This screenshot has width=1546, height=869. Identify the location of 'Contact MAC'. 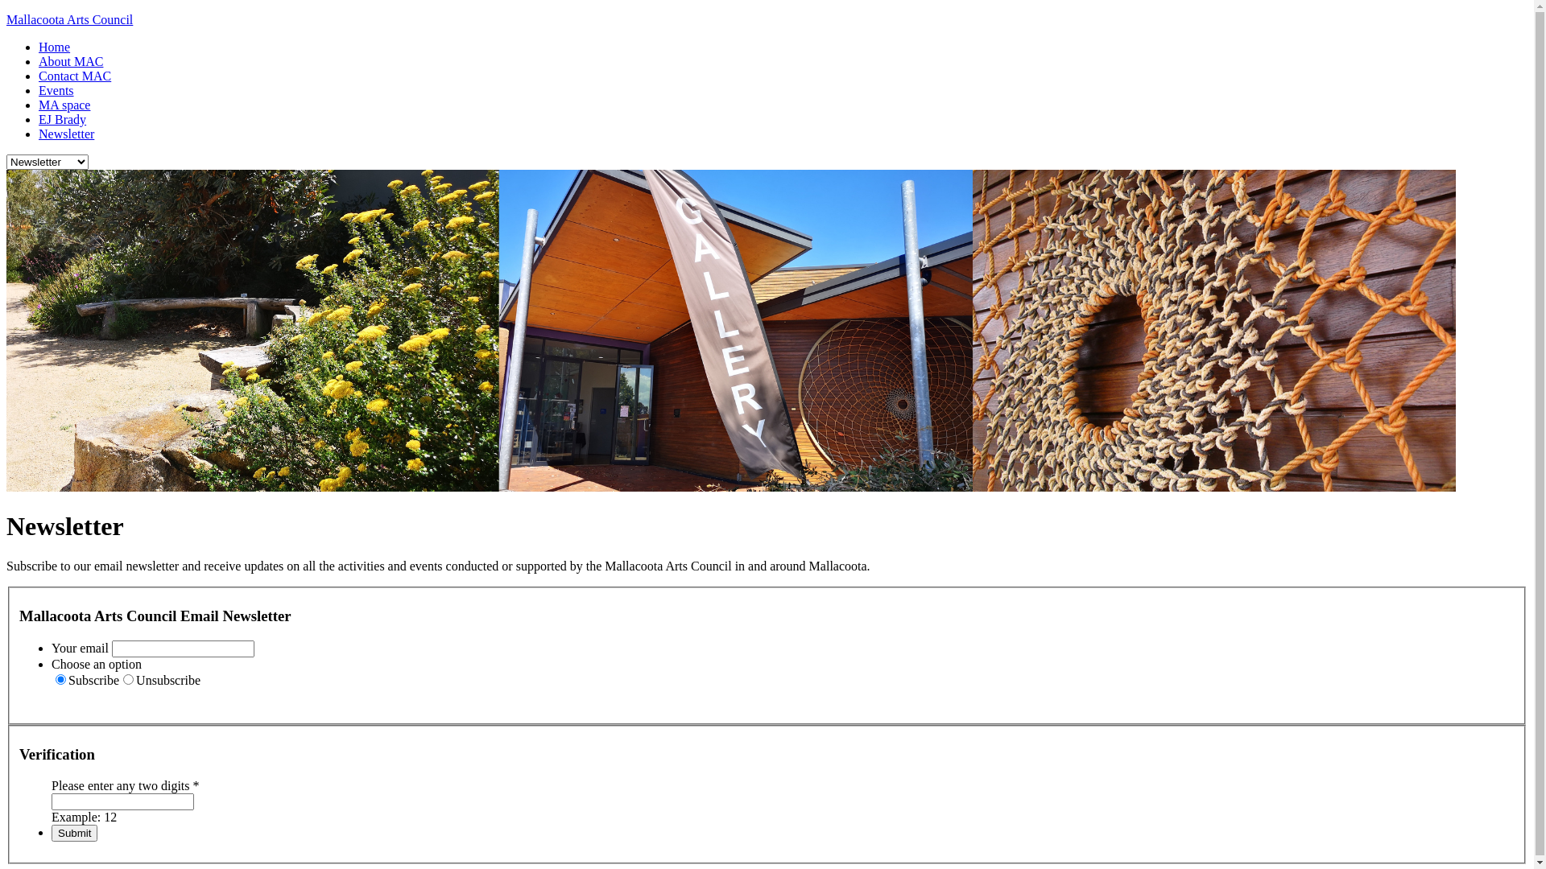
(39, 76).